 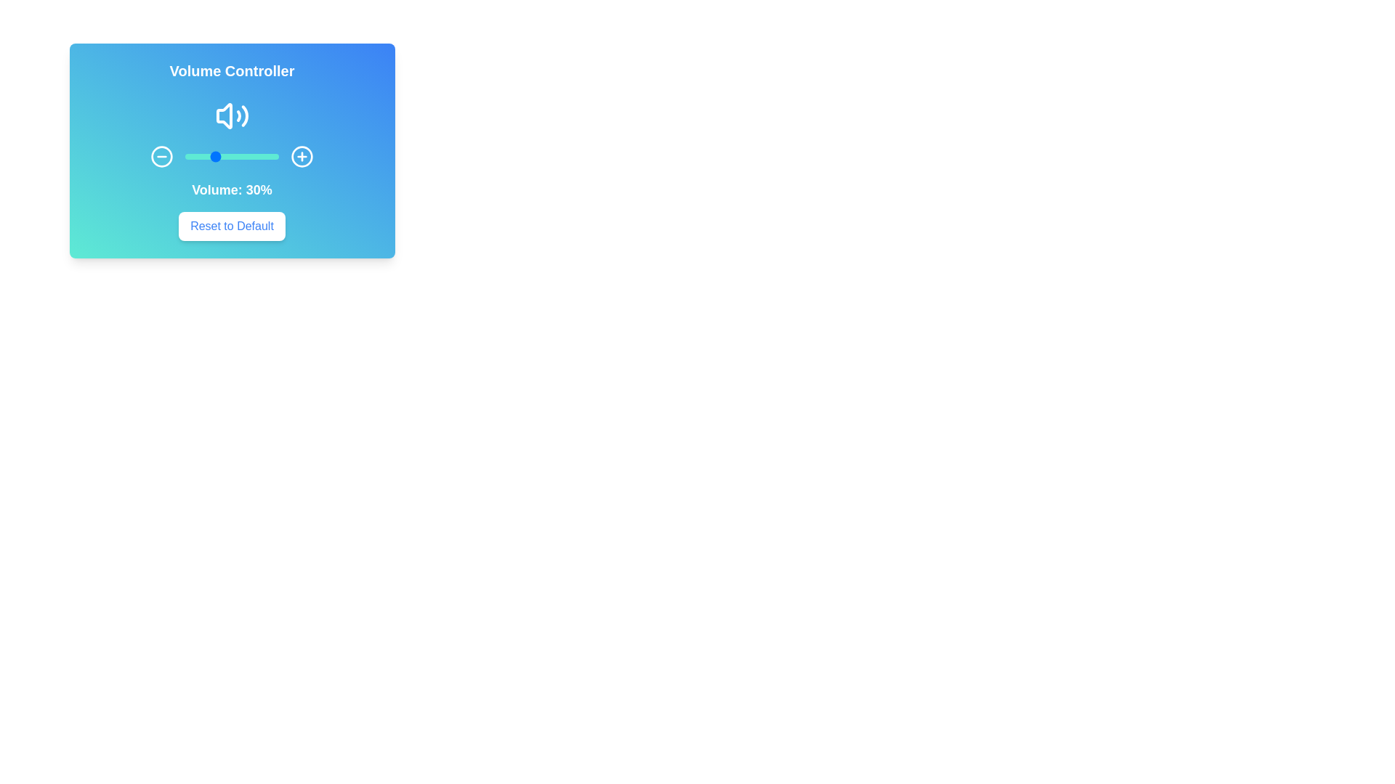 I want to click on the volume slider to 57%, so click(x=238, y=157).